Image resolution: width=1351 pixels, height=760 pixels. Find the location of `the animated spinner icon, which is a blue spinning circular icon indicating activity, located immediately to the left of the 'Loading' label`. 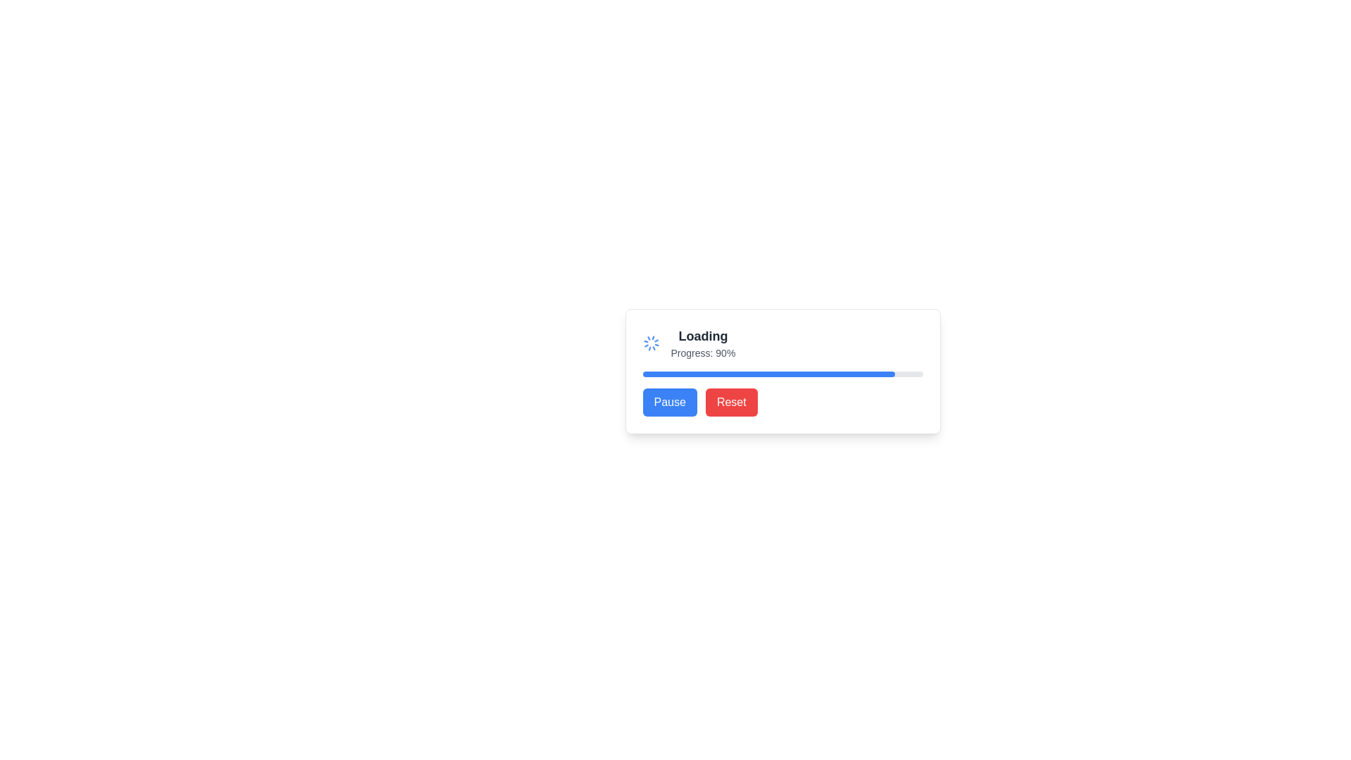

the animated spinner icon, which is a blue spinning circular icon indicating activity, located immediately to the left of the 'Loading' label is located at coordinates (650, 343).